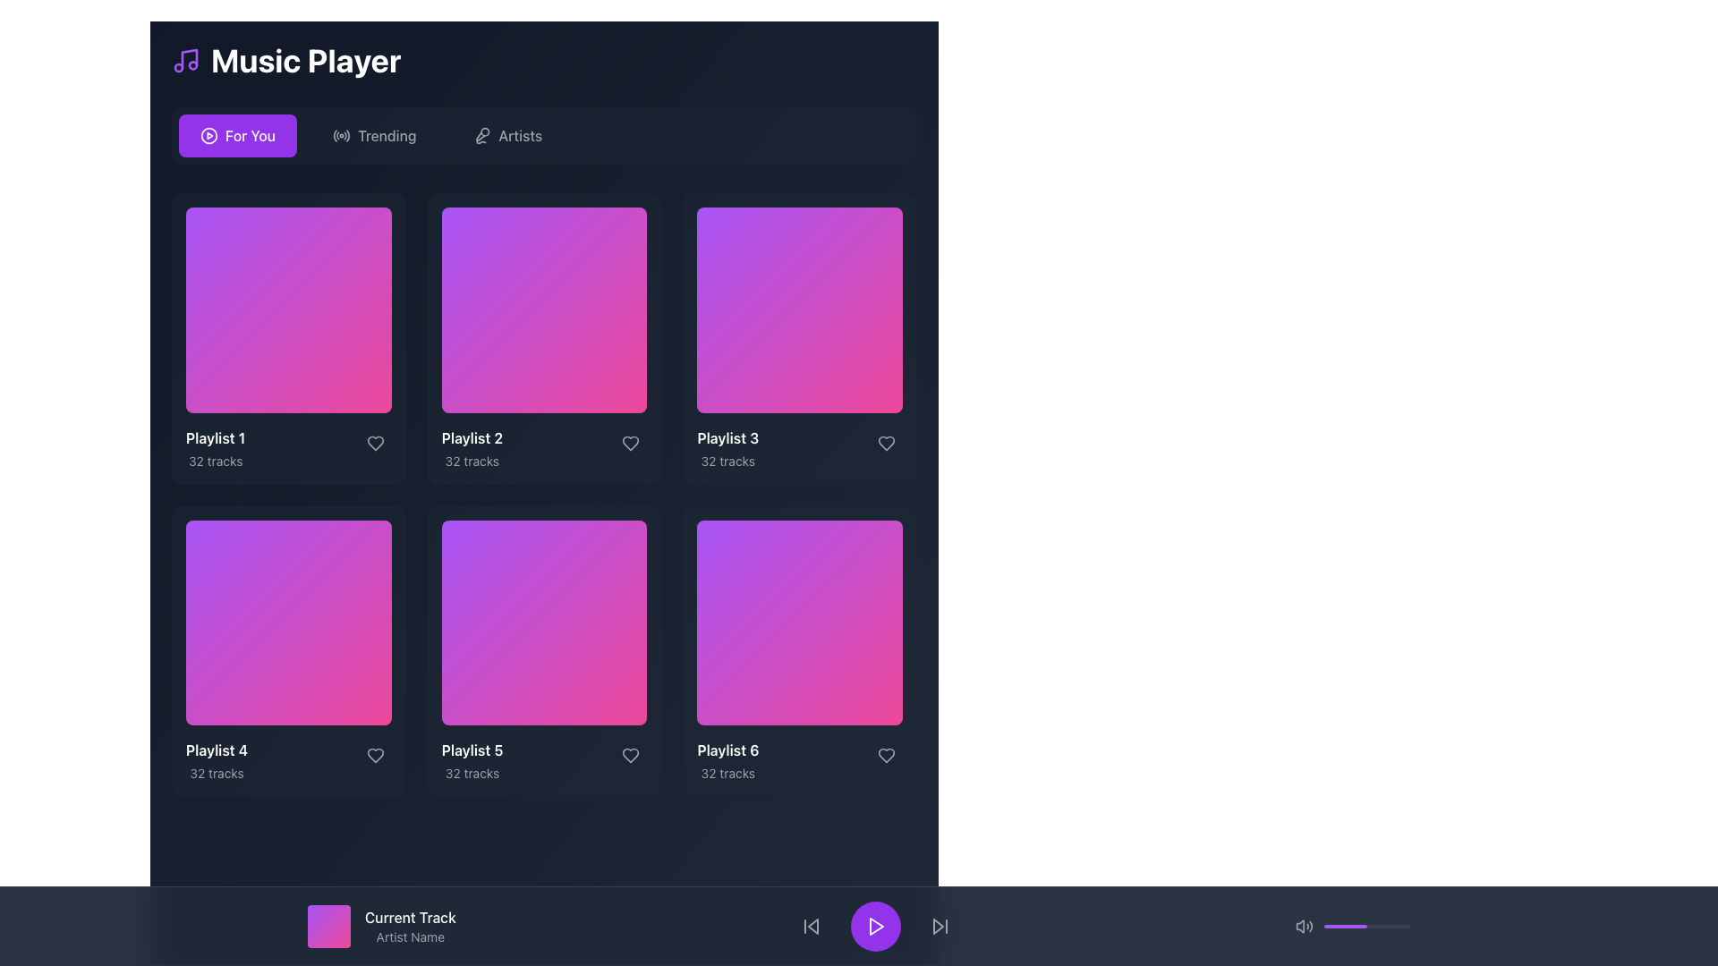  I want to click on the 'Trending' button located in the horizontal navigation menu, which is positioned between the 'For You' and 'Artists' buttons, so click(373, 134).